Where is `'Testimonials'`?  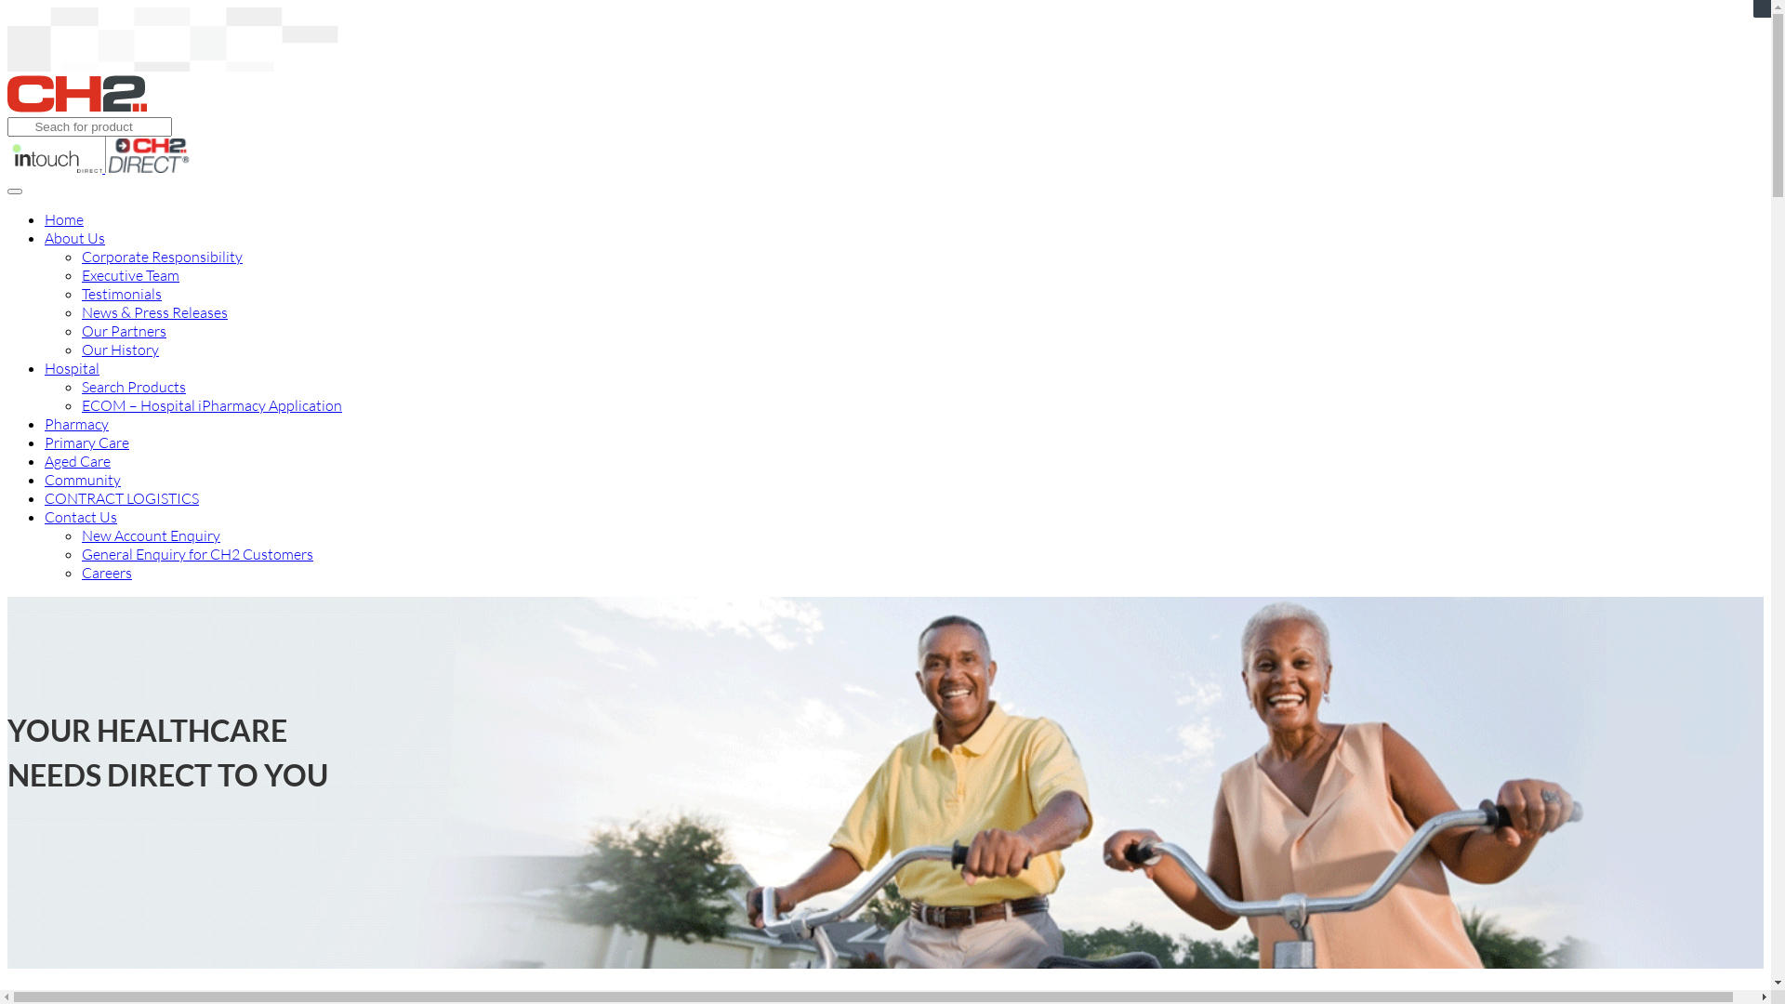
'Testimonials' is located at coordinates (120, 293).